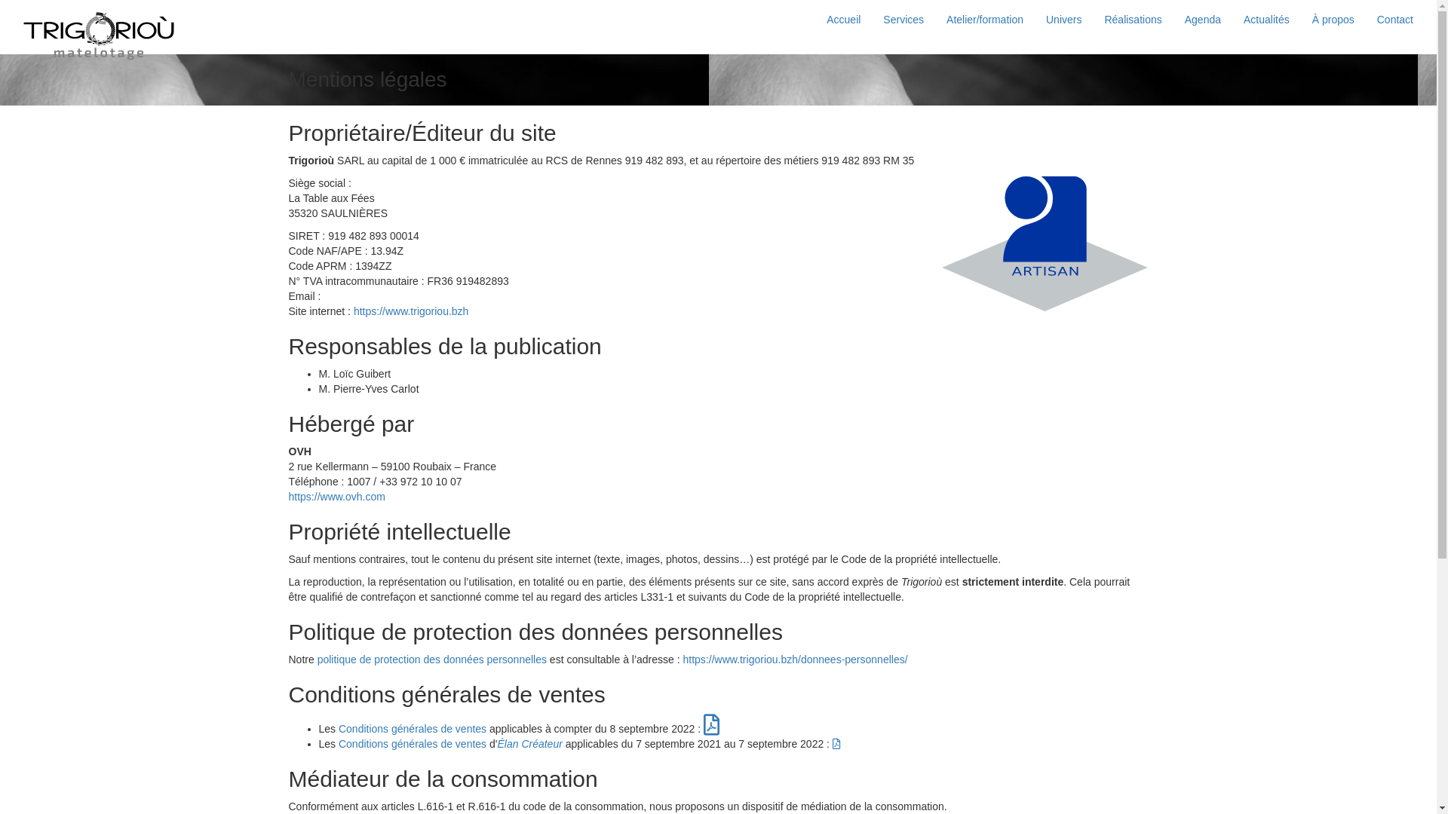  What do you see at coordinates (984, 20) in the screenshot?
I see `'Atelier/formation'` at bounding box center [984, 20].